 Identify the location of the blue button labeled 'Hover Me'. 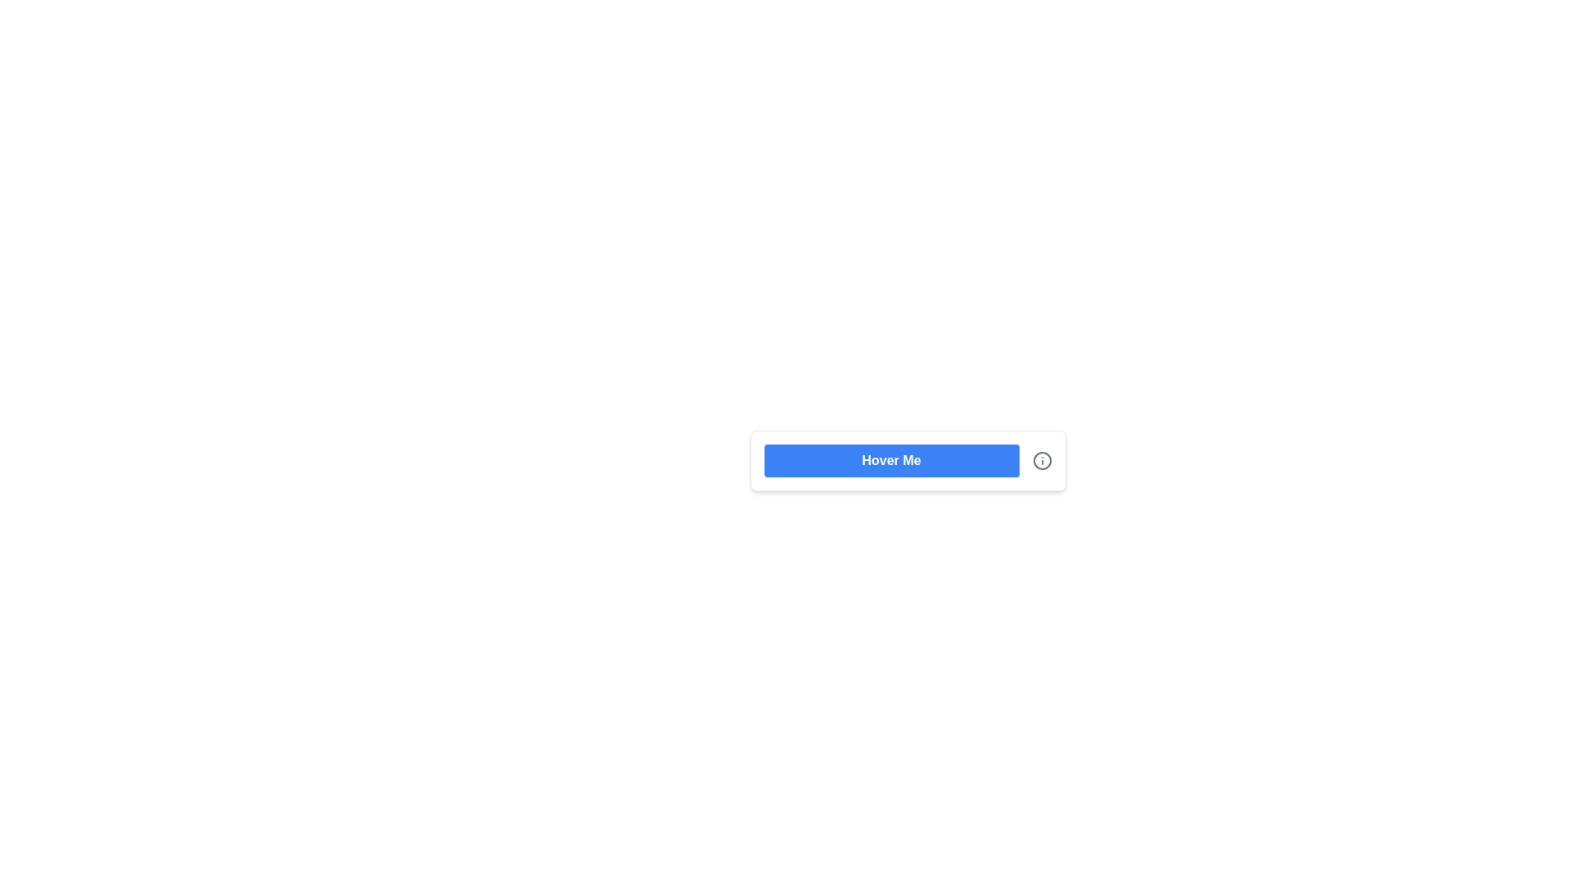
(907, 460).